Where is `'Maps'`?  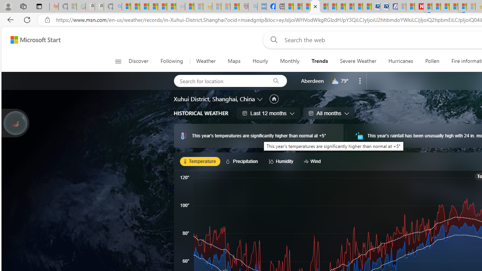
'Maps' is located at coordinates (233, 61).